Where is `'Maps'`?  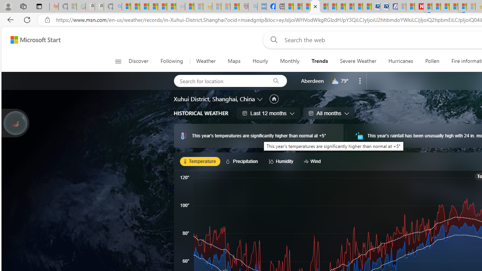
'Maps' is located at coordinates (233, 61).